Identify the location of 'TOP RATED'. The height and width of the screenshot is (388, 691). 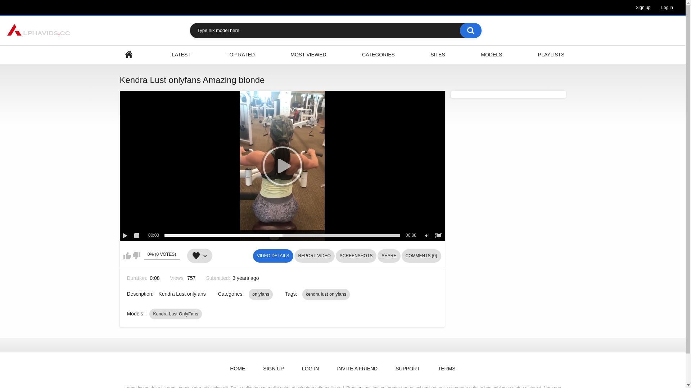
(240, 54).